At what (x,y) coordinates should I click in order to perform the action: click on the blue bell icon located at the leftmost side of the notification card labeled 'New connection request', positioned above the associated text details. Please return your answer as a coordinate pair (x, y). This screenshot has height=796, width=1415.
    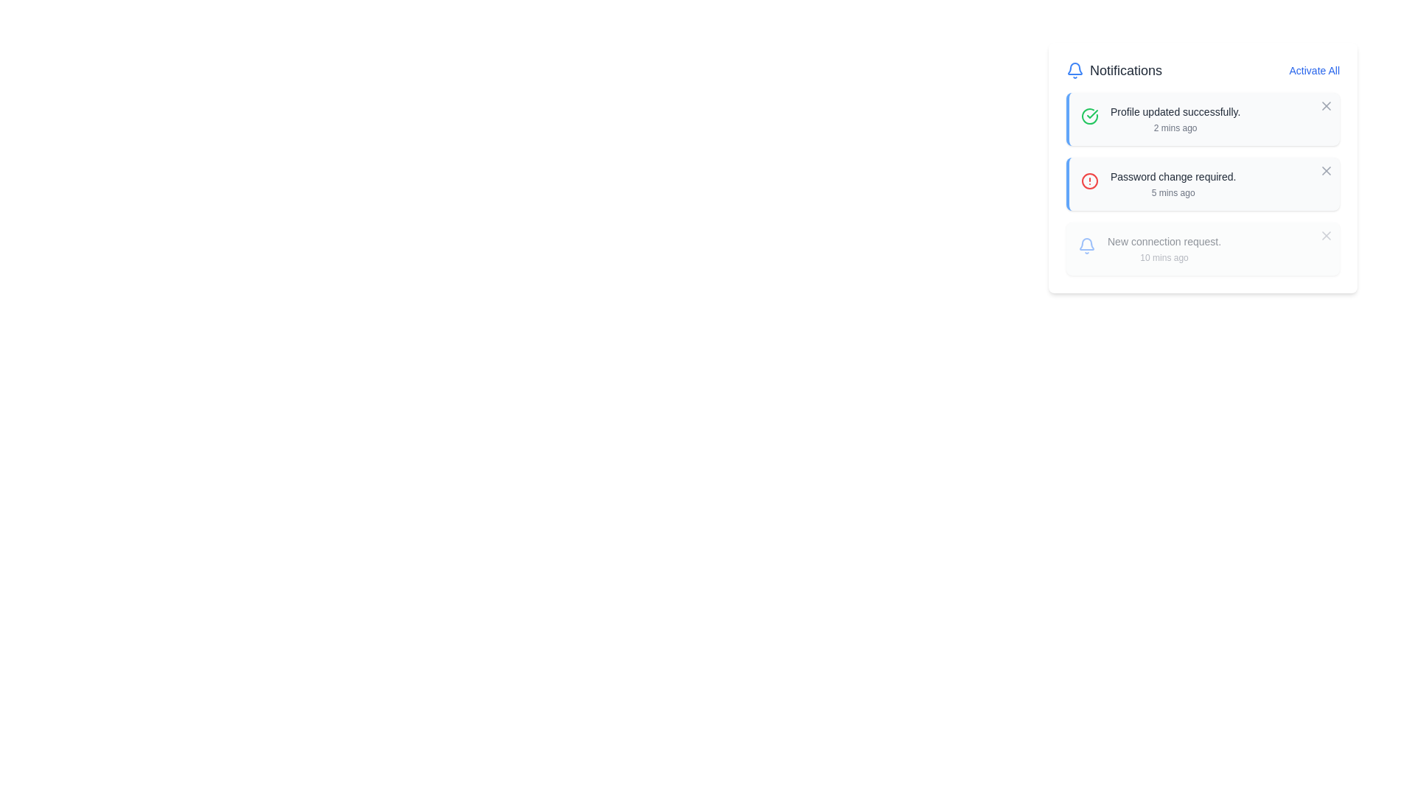
    Looking at the image, I should click on (1086, 249).